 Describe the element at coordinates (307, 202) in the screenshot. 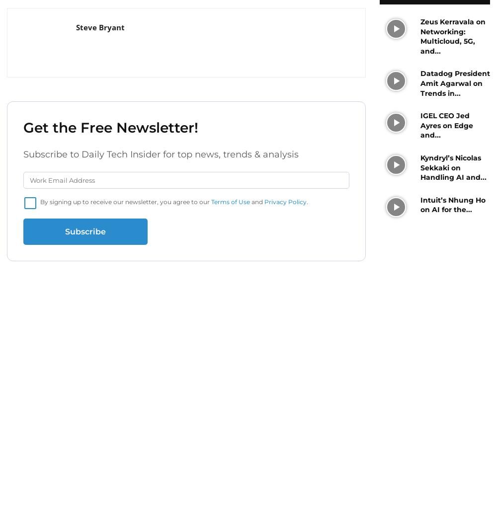

I see `'.'` at that location.